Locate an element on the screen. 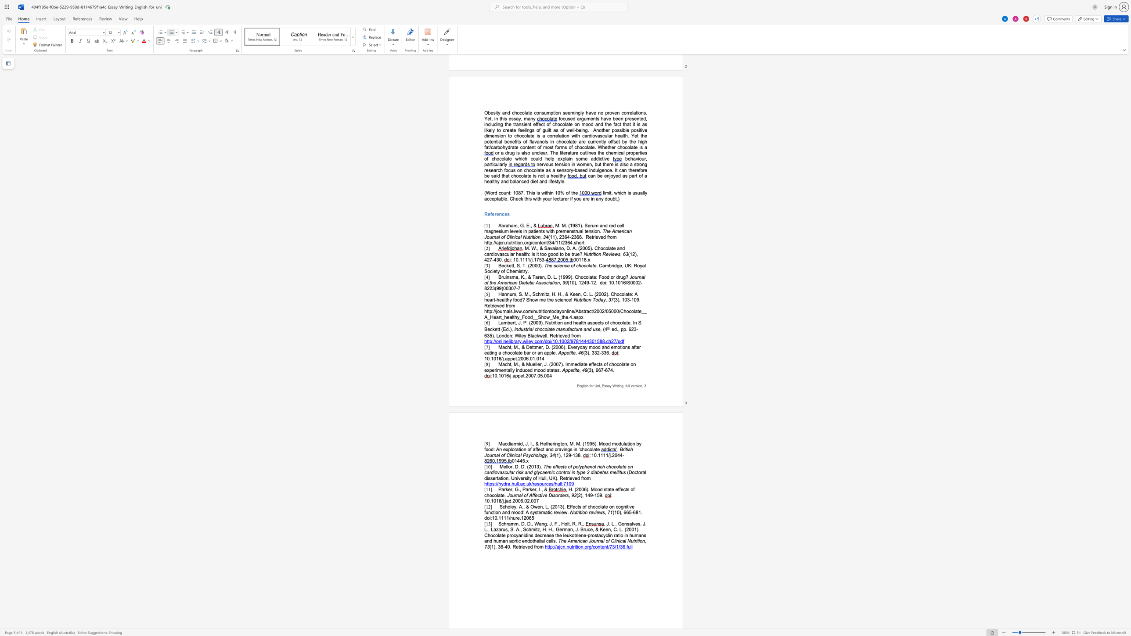  the space between the continuous character "g" and "y" in the text is located at coordinates (544, 455).